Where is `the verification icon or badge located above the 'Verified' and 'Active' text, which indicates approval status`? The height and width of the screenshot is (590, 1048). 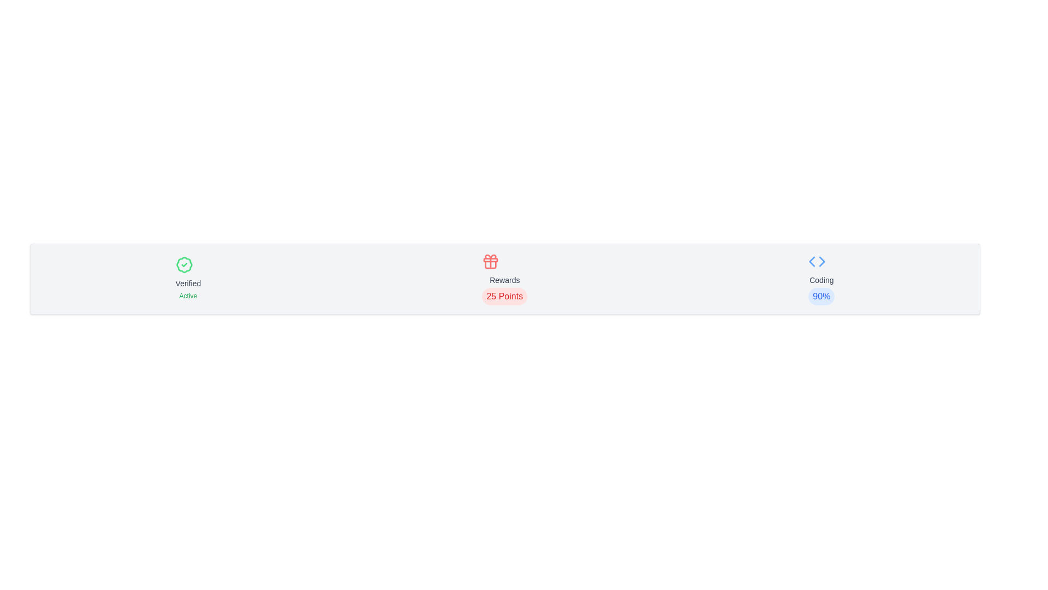
the verification icon or badge located above the 'Verified' and 'Active' text, which indicates approval status is located at coordinates (184, 265).